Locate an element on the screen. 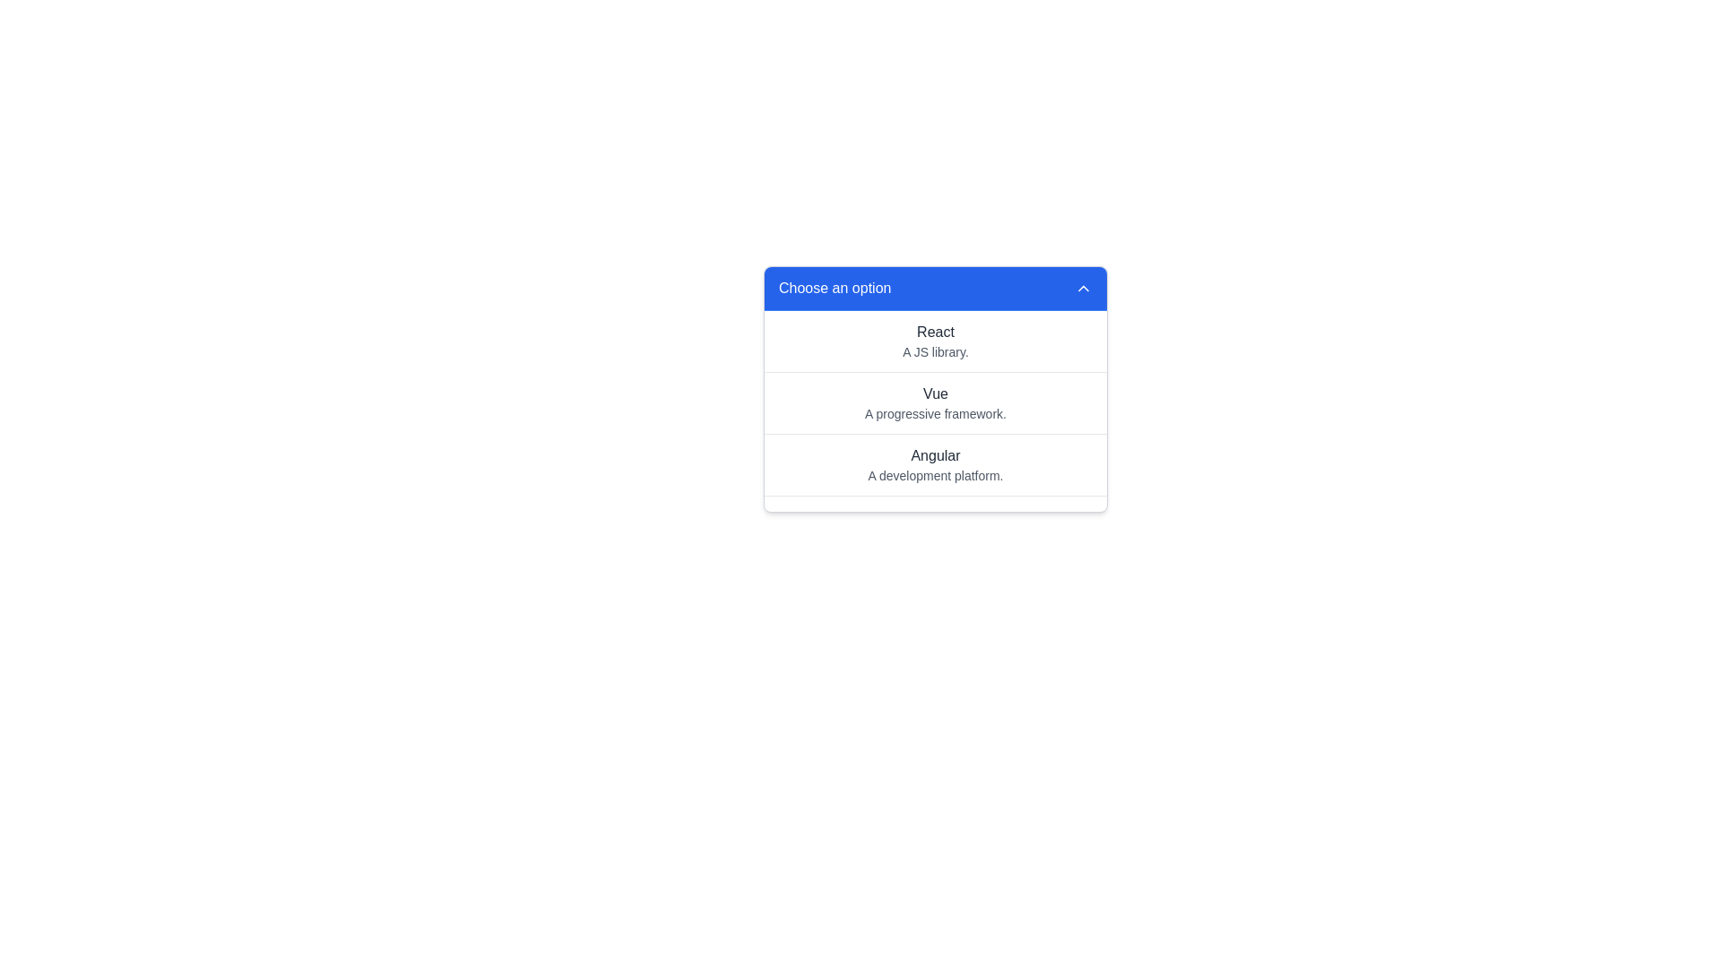 The image size is (1721, 968). the text label indicating the 'Angular' dropdown option, which is located in the third position of the dropdown menu and represents the title of that option is located at coordinates (934, 455).